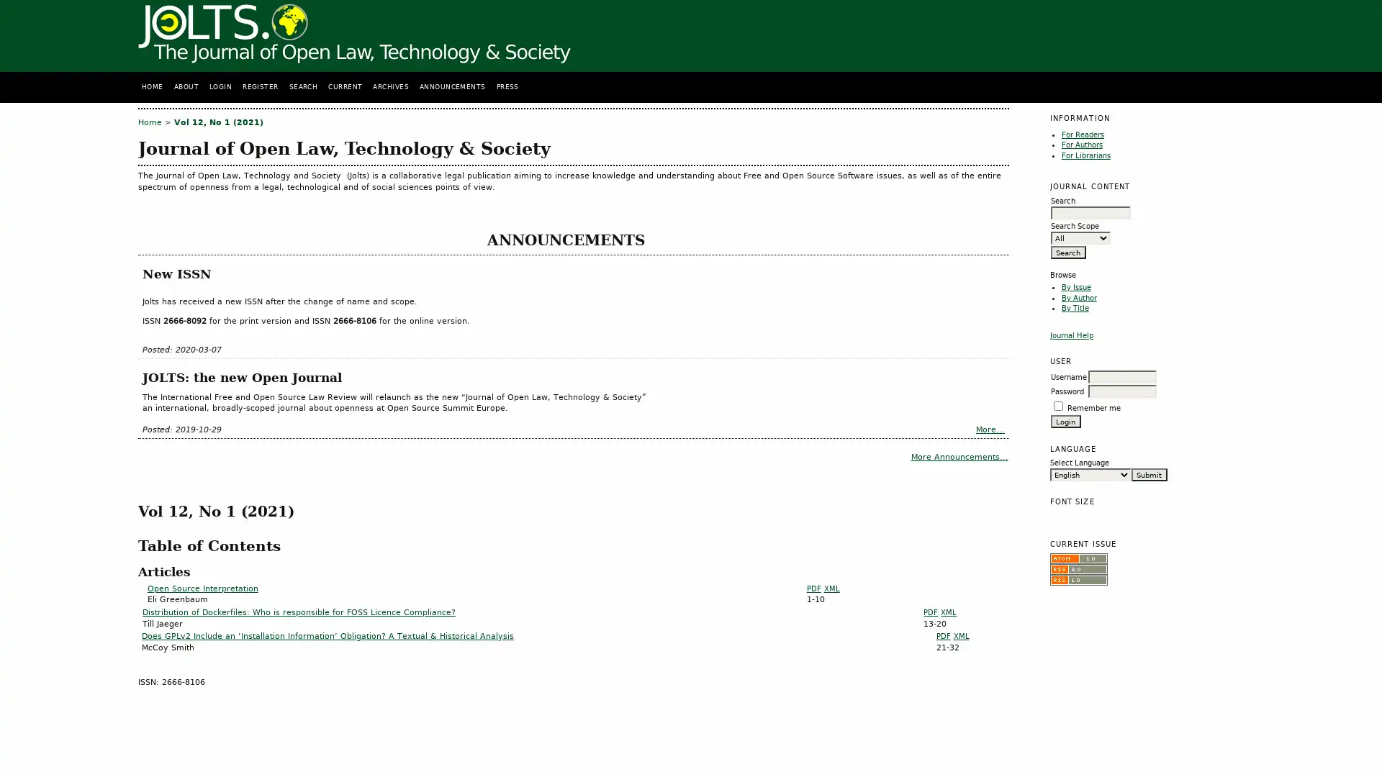  I want to click on Search, so click(1067, 251).